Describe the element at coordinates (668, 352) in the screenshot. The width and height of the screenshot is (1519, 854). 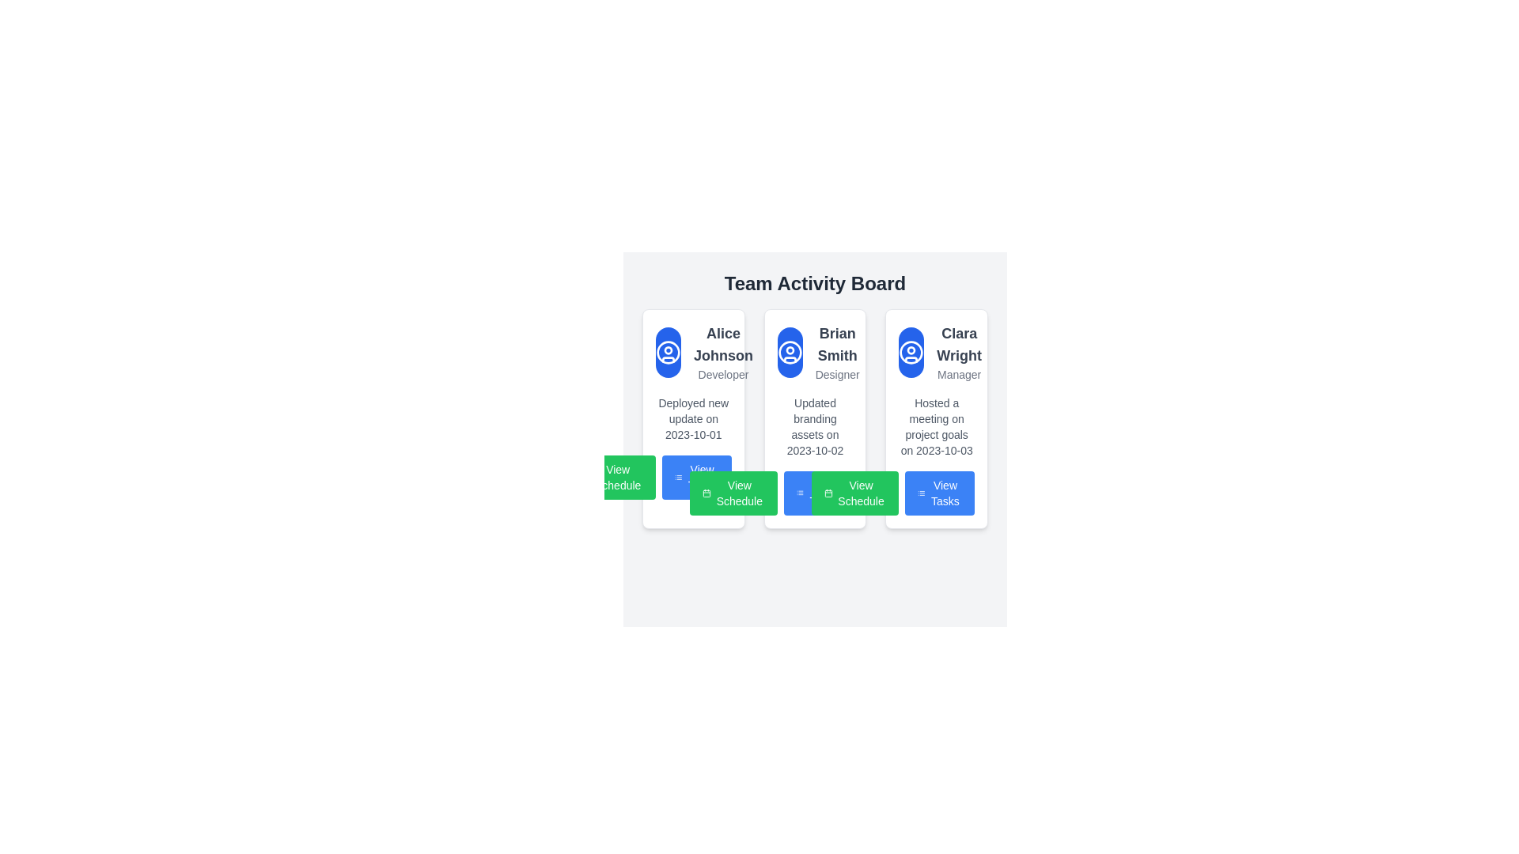
I see `the user icon representing Alice Johnson, positioned at the top left of the card labeled 'Alice Johnson - Developer'` at that location.